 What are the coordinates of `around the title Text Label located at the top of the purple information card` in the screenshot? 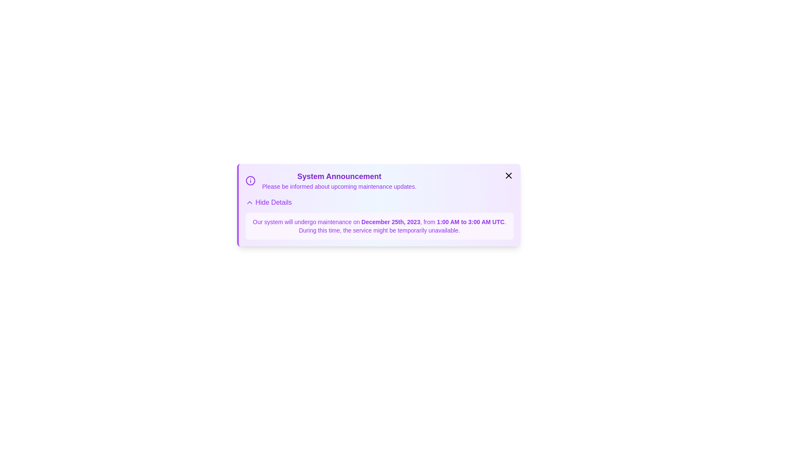 It's located at (339, 176).